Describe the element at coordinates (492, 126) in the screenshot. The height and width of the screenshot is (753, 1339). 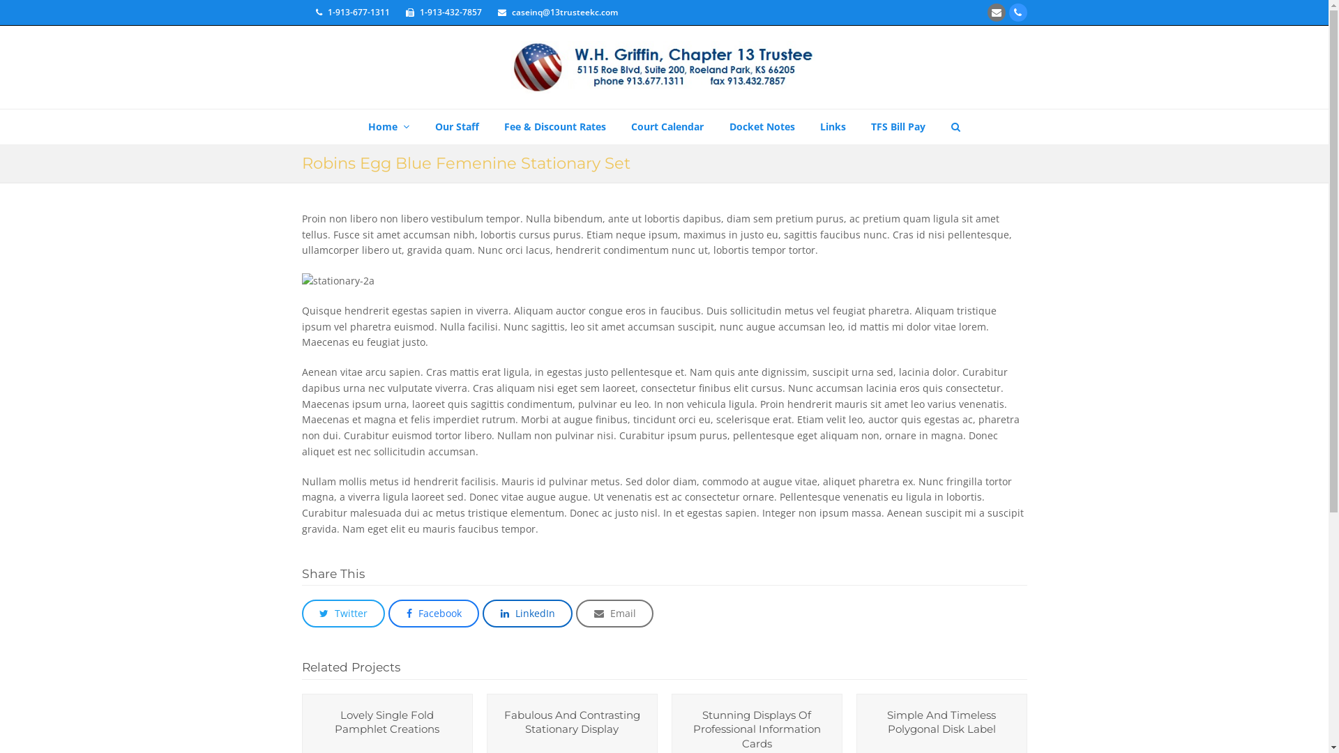
I see `'Fee & Discount Rates'` at that location.